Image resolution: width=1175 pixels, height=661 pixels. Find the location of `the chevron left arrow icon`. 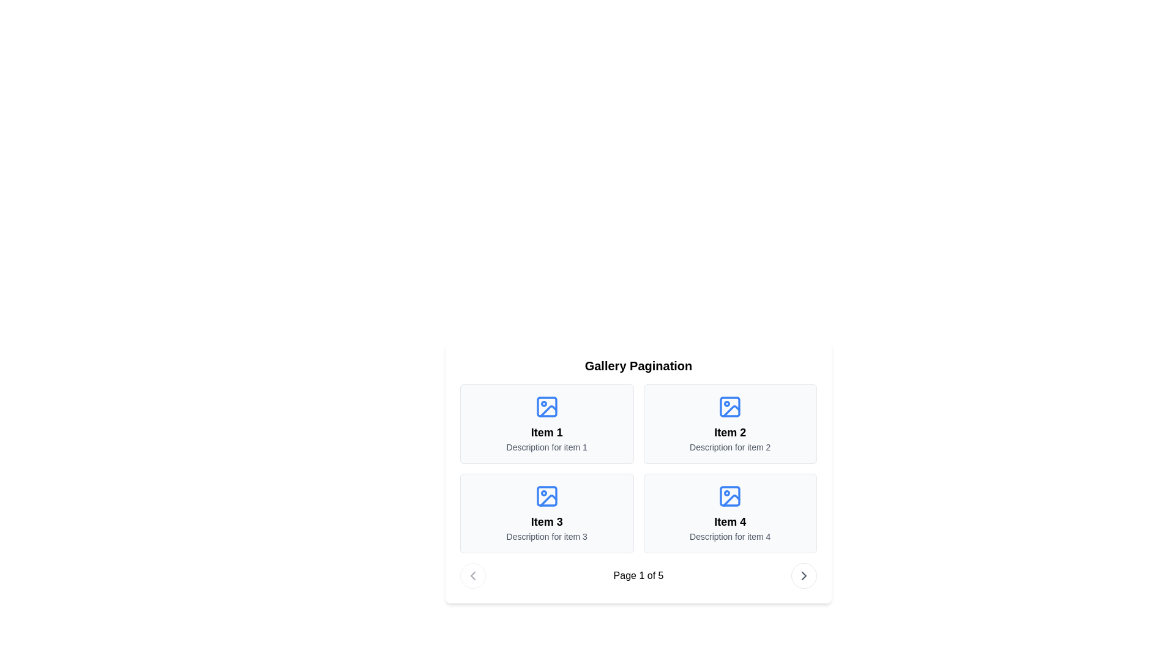

the chevron left arrow icon is located at coordinates (472, 576).